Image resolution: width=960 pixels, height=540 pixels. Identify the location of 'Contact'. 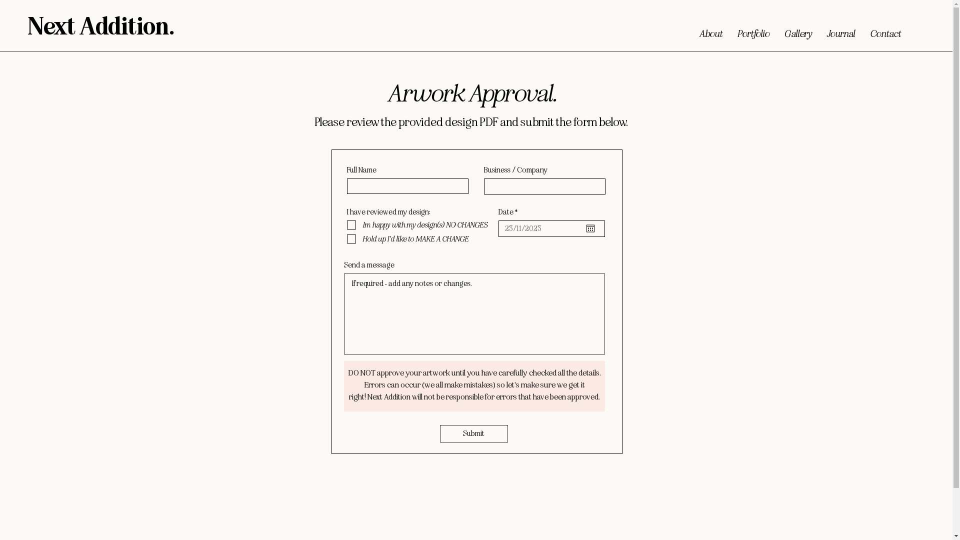
(885, 30).